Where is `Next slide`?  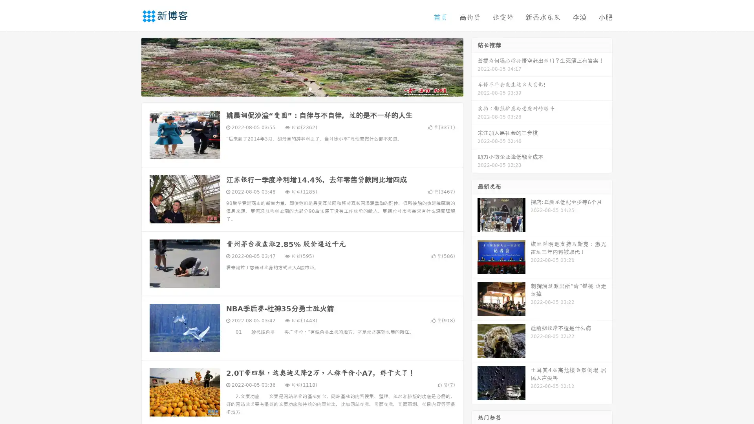 Next slide is located at coordinates (474, 66).